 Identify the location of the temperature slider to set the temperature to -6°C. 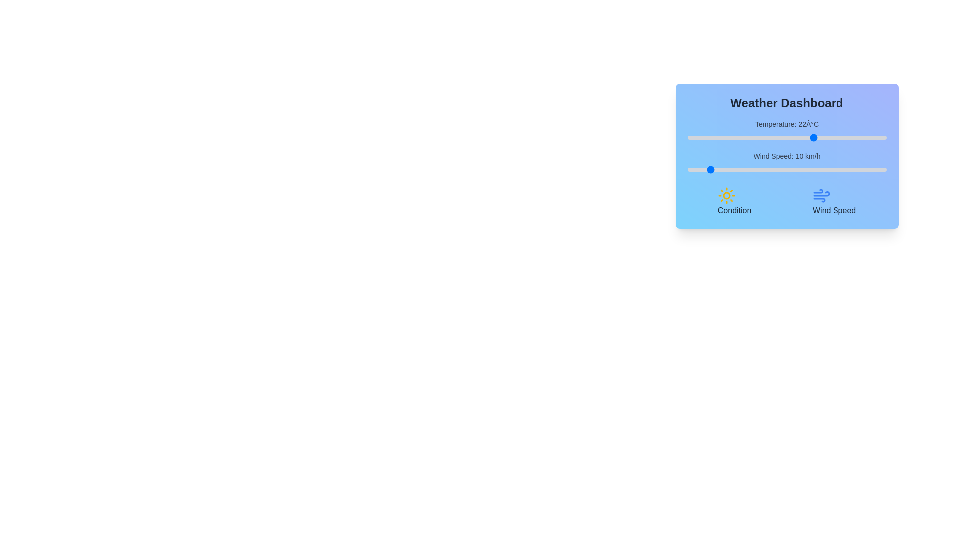
(703, 138).